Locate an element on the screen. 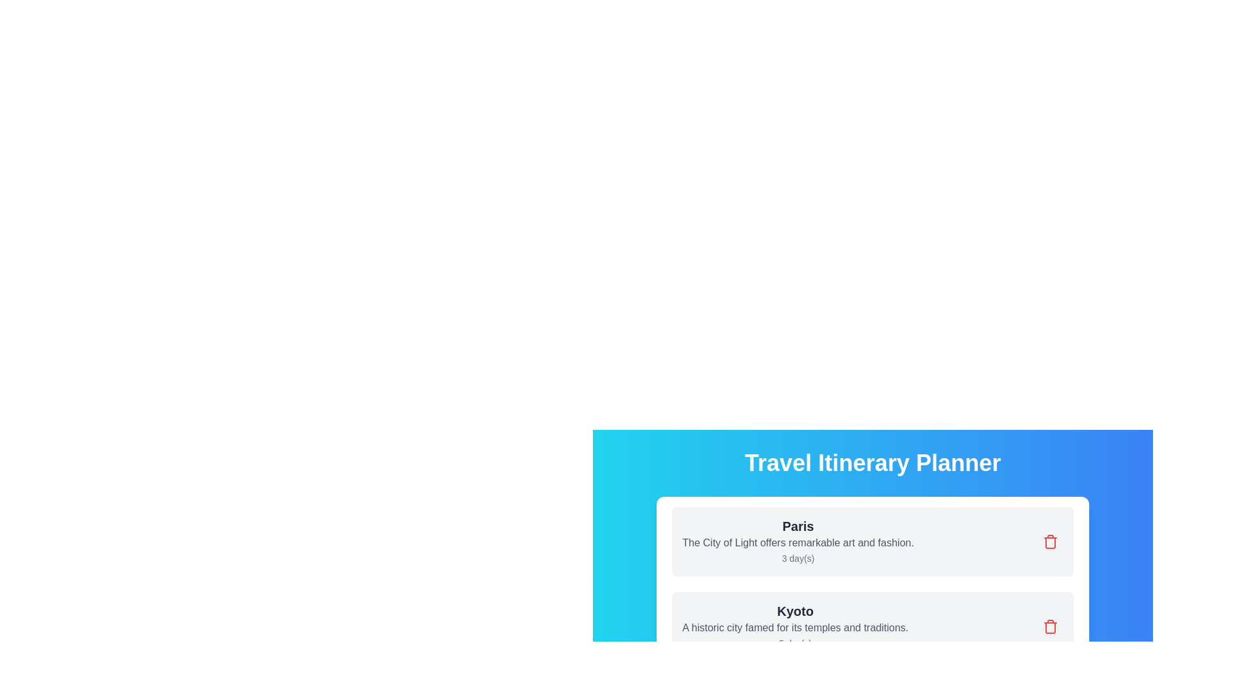 Image resolution: width=1236 pixels, height=695 pixels. the static text displaying 'A historic city famed for its temples and traditions.' located beneath the bolded text 'Kyoto' in the travel destination card interface is located at coordinates (794, 627).